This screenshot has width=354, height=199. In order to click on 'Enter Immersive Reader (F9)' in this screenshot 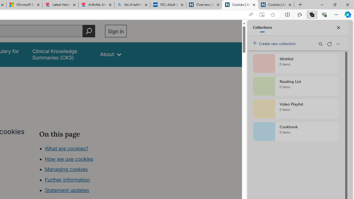, I will do `click(261, 14)`.